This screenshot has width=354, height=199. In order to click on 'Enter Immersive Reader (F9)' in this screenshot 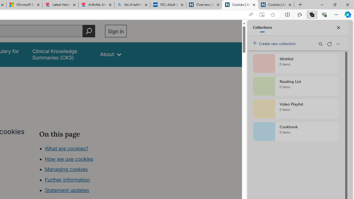, I will do `click(261, 14)`.